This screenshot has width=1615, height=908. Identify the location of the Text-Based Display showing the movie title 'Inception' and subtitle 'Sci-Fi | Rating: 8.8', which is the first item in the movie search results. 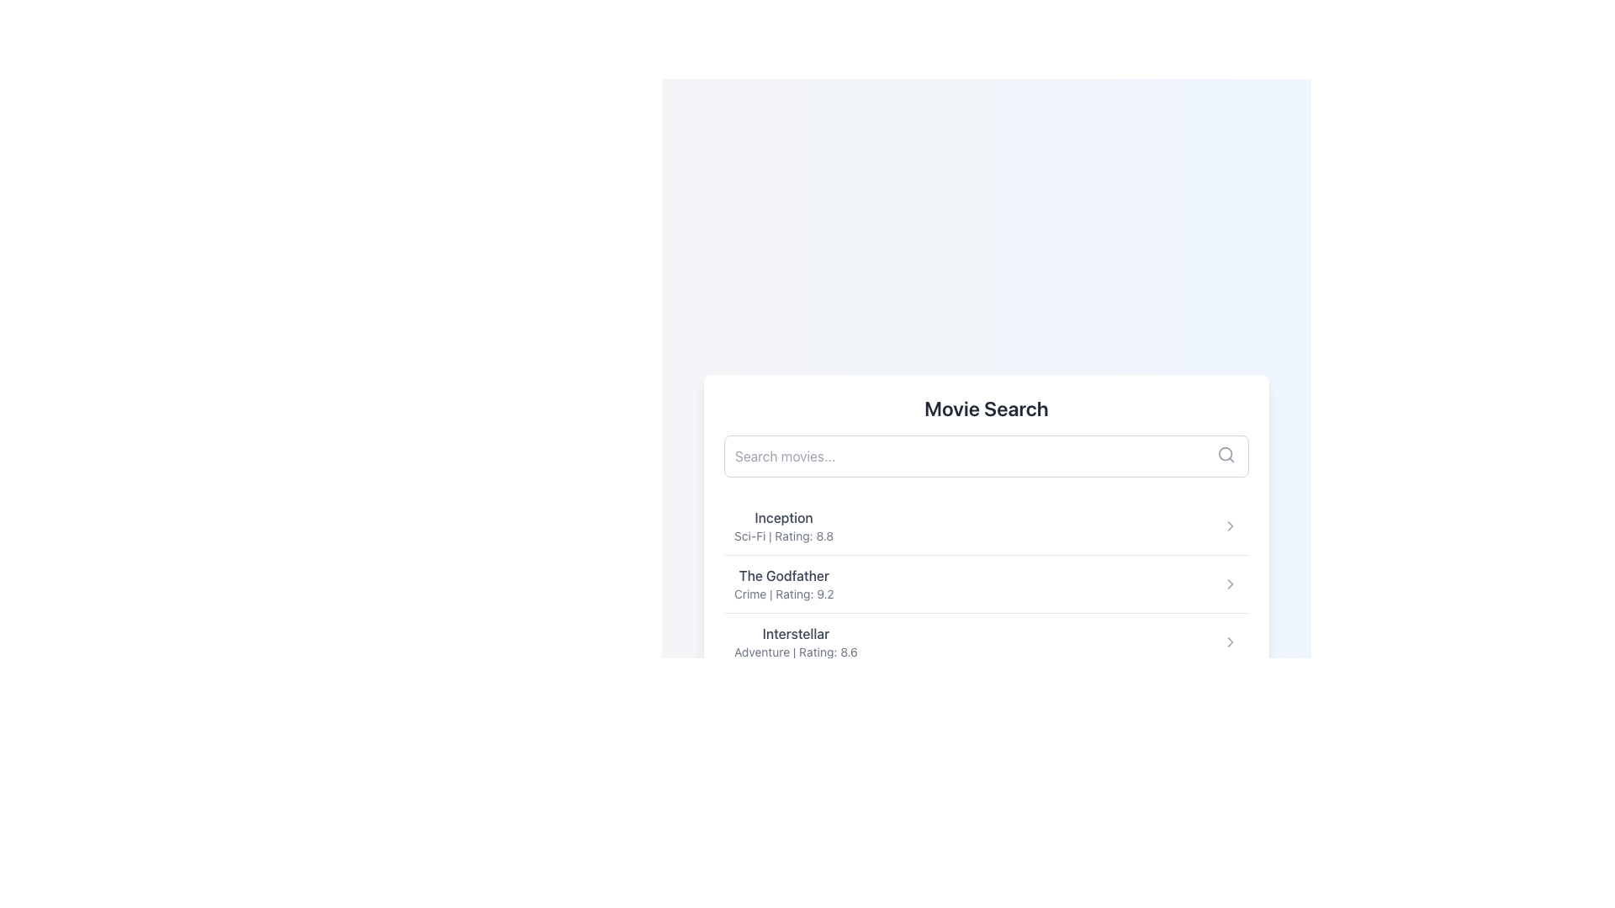
(782, 525).